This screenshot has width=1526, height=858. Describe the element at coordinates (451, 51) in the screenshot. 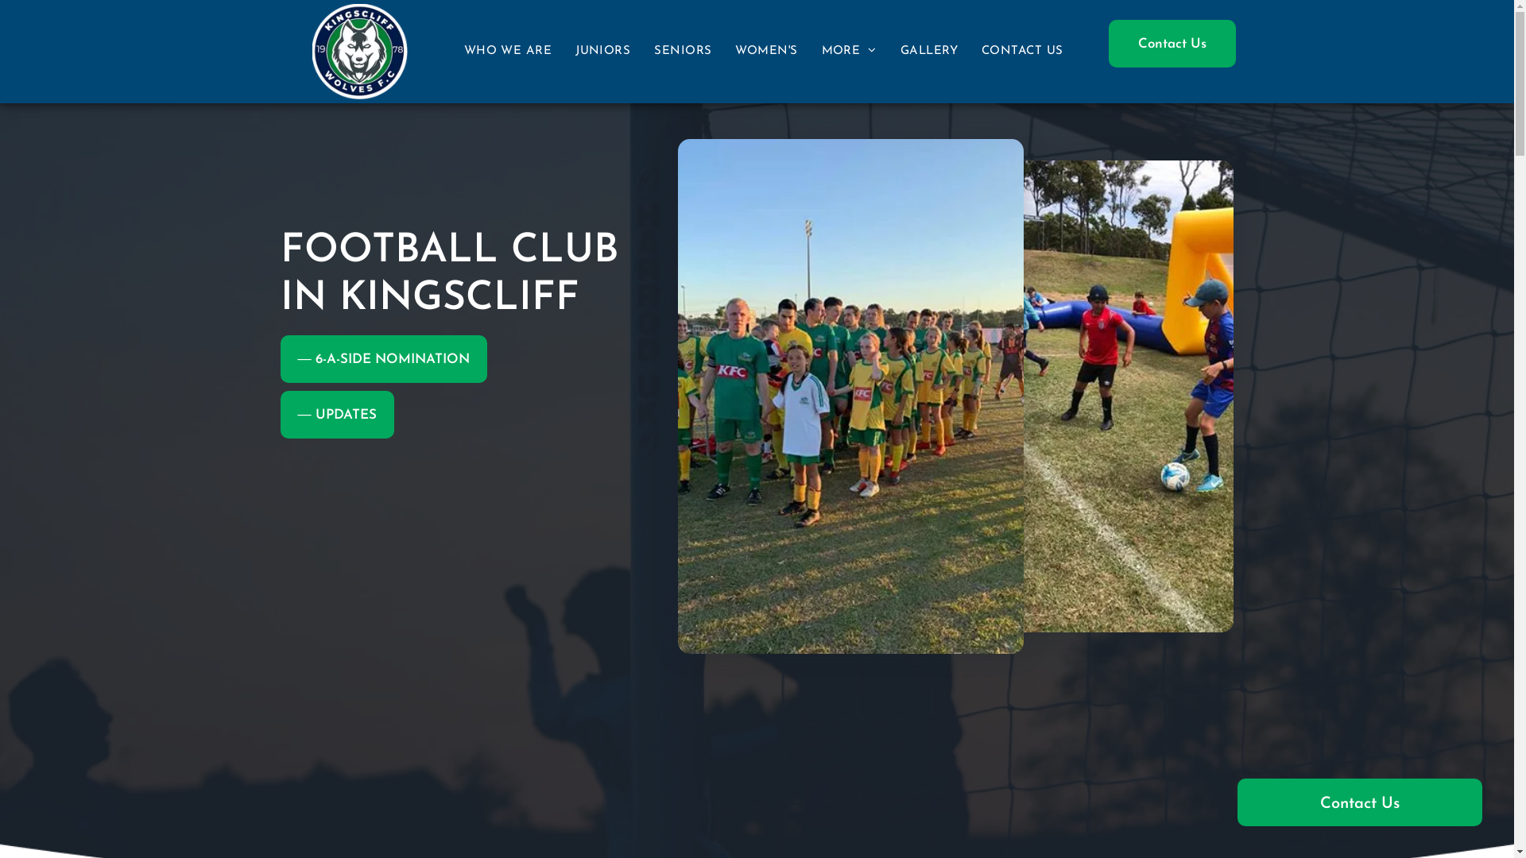

I see `'WHO WE ARE'` at that location.